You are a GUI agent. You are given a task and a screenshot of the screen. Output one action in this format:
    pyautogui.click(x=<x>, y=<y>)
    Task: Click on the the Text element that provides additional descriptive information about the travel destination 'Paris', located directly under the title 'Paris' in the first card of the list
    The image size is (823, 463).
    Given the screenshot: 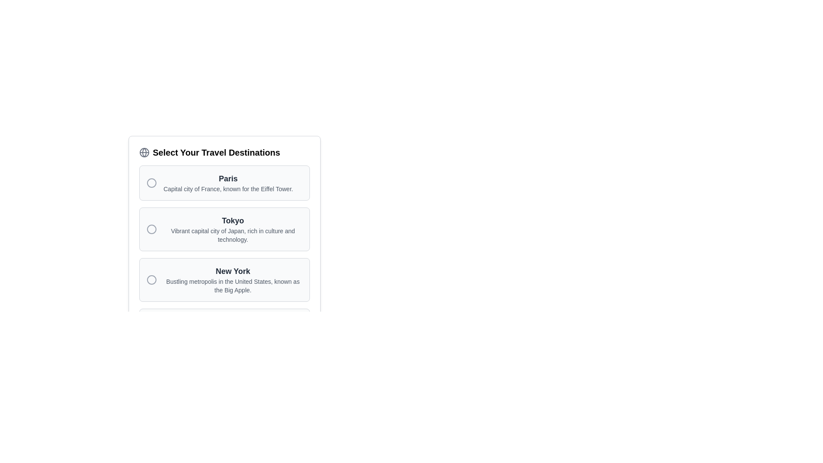 What is the action you would take?
    pyautogui.click(x=228, y=188)
    